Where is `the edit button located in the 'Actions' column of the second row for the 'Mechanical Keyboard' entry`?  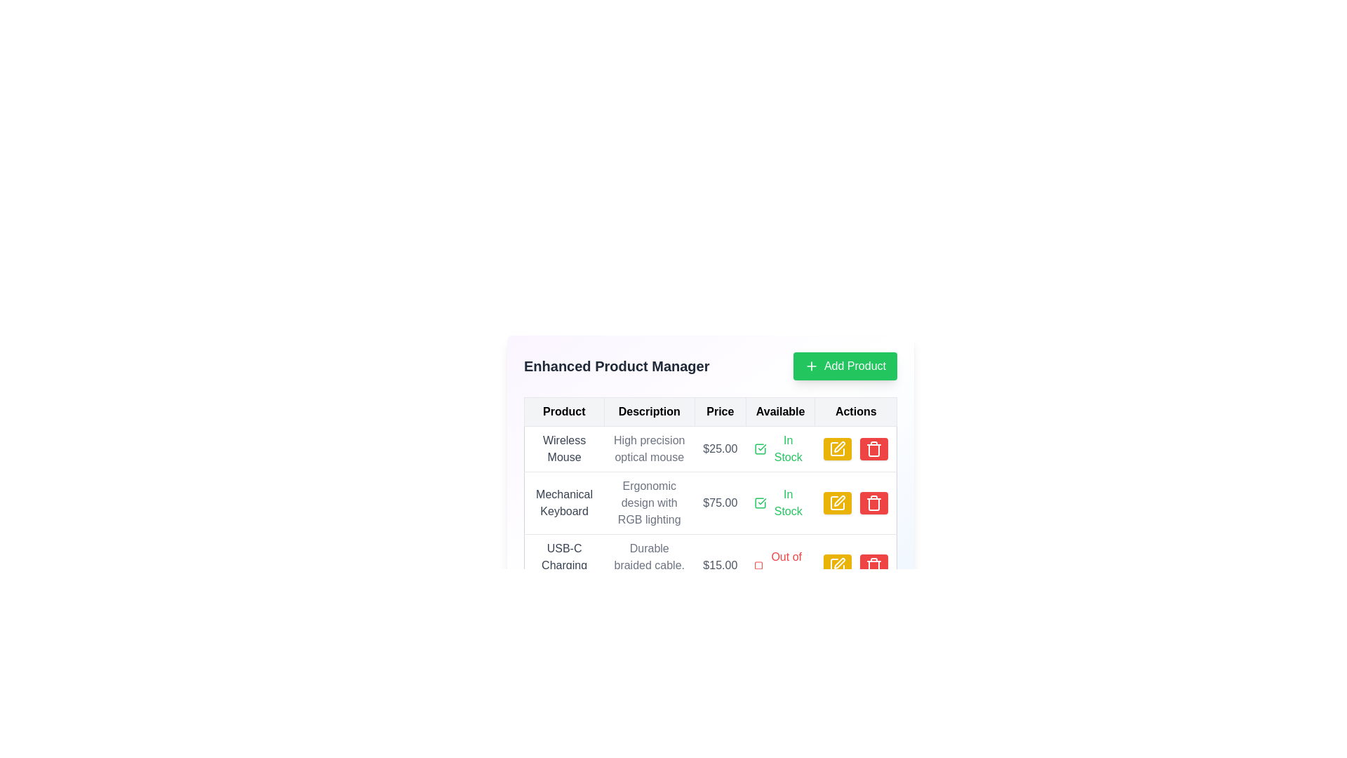
the edit button located in the 'Actions' column of the second row for the 'Mechanical Keyboard' entry is located at coordinates (838, 503).